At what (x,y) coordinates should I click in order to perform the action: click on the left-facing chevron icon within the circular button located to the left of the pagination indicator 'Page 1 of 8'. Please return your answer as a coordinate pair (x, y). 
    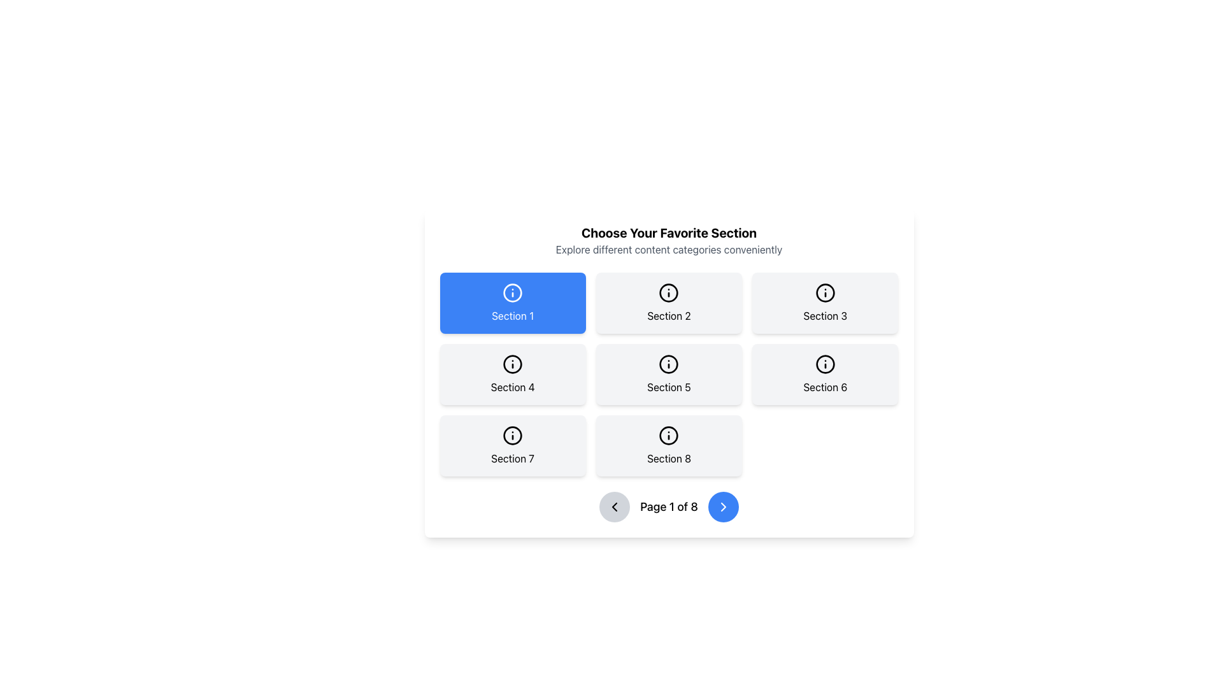
    Looking at the image, I should click on (615, 506).